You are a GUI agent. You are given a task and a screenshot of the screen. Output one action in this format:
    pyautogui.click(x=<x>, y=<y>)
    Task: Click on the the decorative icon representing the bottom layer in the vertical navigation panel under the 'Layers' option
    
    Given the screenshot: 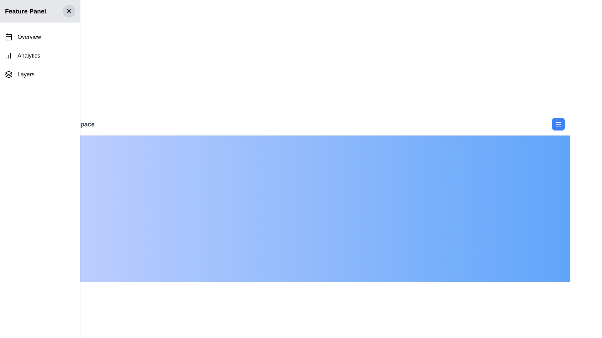 What is the action you would take?
    pyautogui.click(x=9, y=76)
    